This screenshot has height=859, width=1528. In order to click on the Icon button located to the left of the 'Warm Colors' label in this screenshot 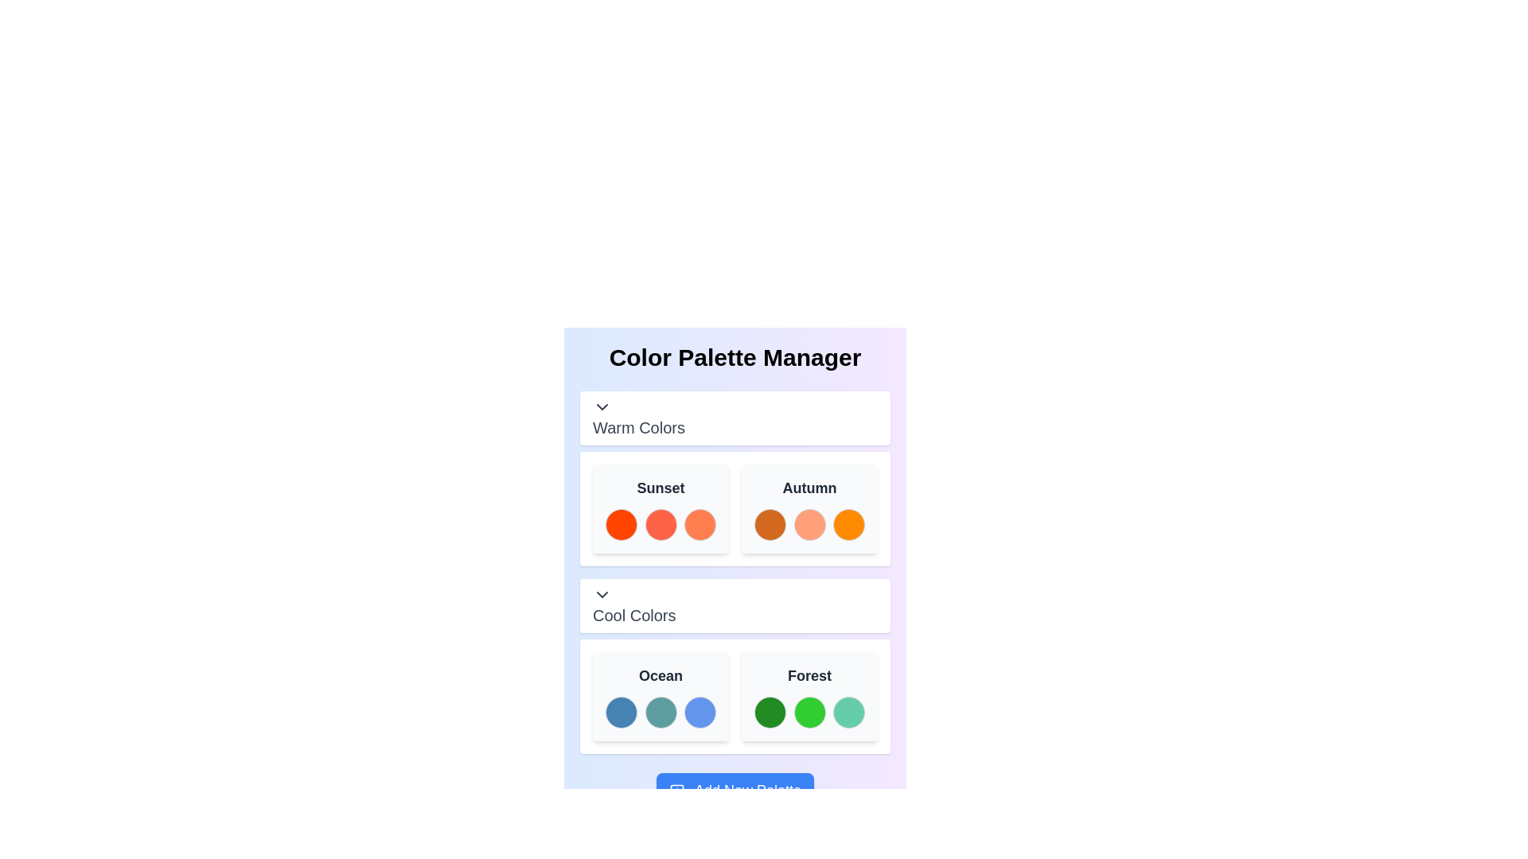, I will do `click(602, 406)`.